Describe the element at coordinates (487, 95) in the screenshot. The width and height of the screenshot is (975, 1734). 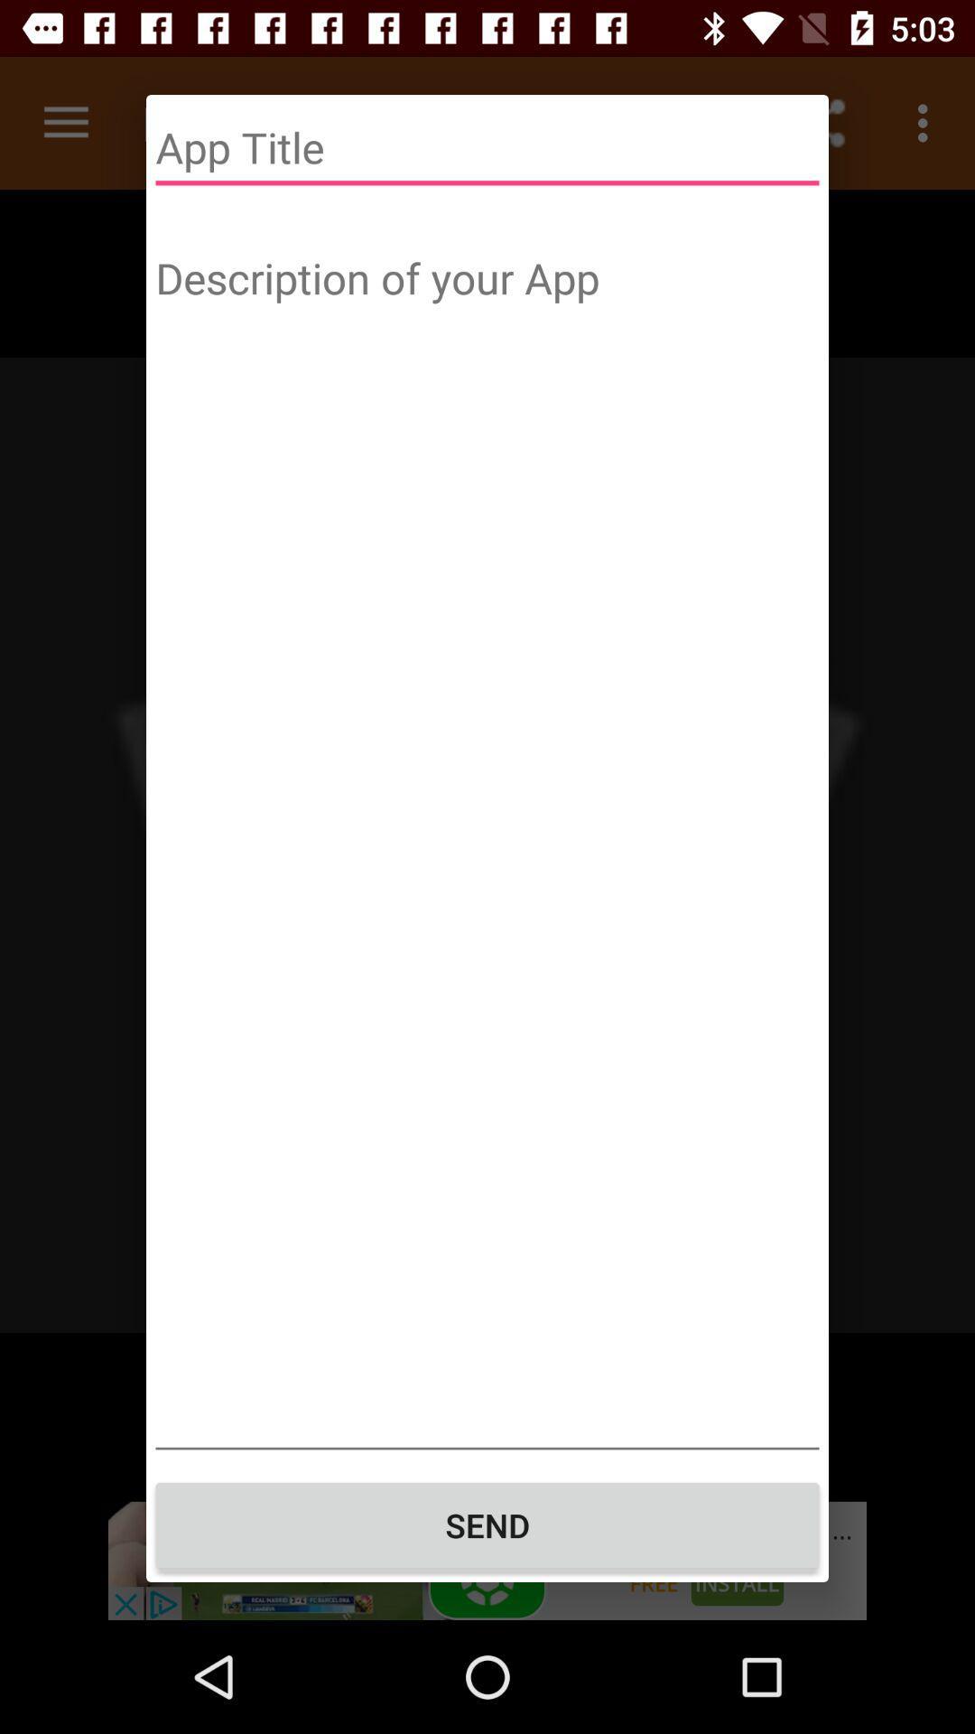
I see `info@icyarena.com` at that location.